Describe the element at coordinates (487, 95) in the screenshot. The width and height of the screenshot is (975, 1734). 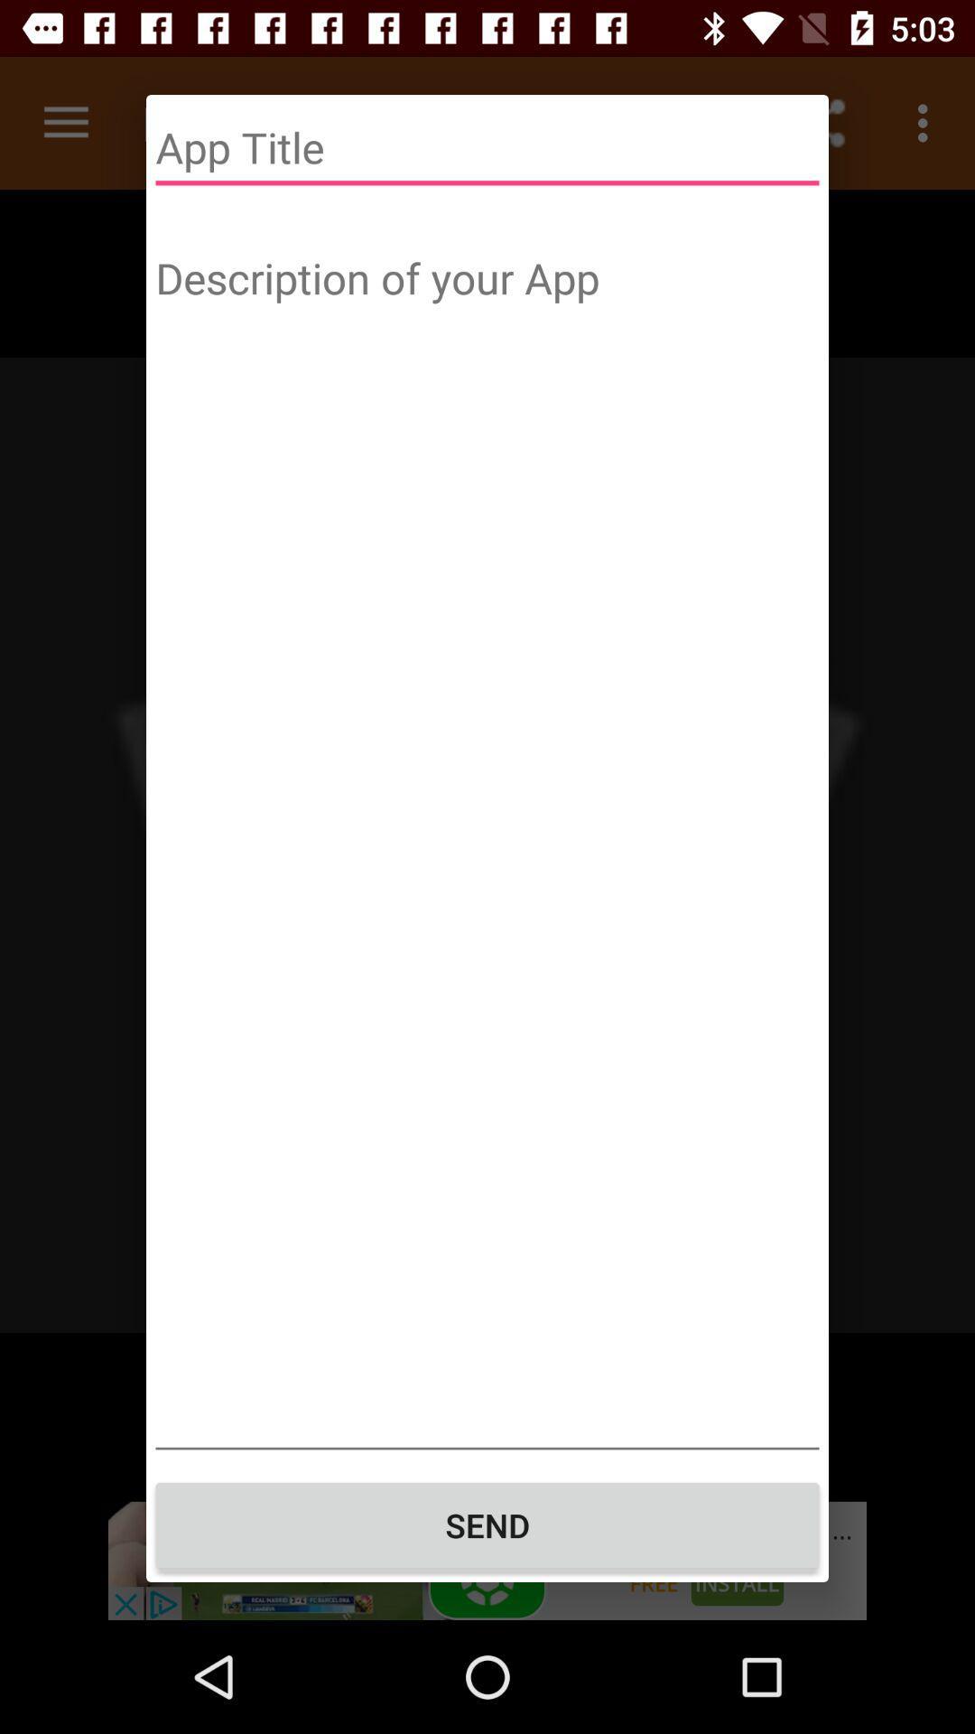
I see `info@icyarena.com` at that location.